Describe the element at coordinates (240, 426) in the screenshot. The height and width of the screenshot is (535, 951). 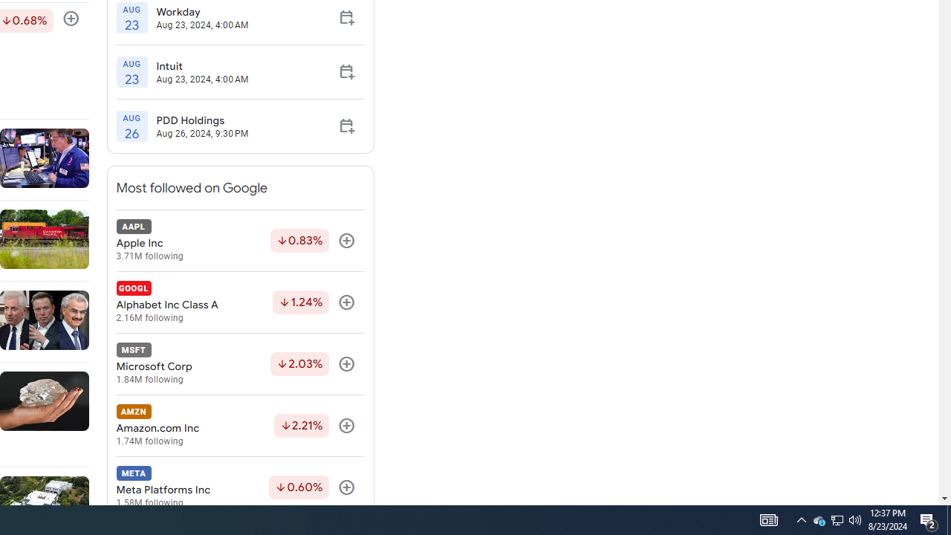
I see `'AMZN Amazon.com Inc 1.74M following Down by 2.21% Follow'` at that location.